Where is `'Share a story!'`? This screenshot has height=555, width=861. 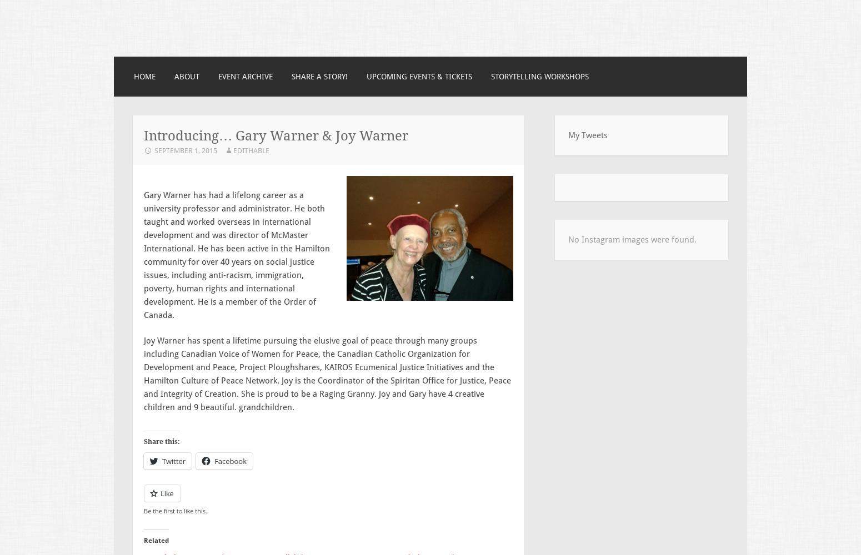 'Share a story!' is located at coordinates (319, 77).